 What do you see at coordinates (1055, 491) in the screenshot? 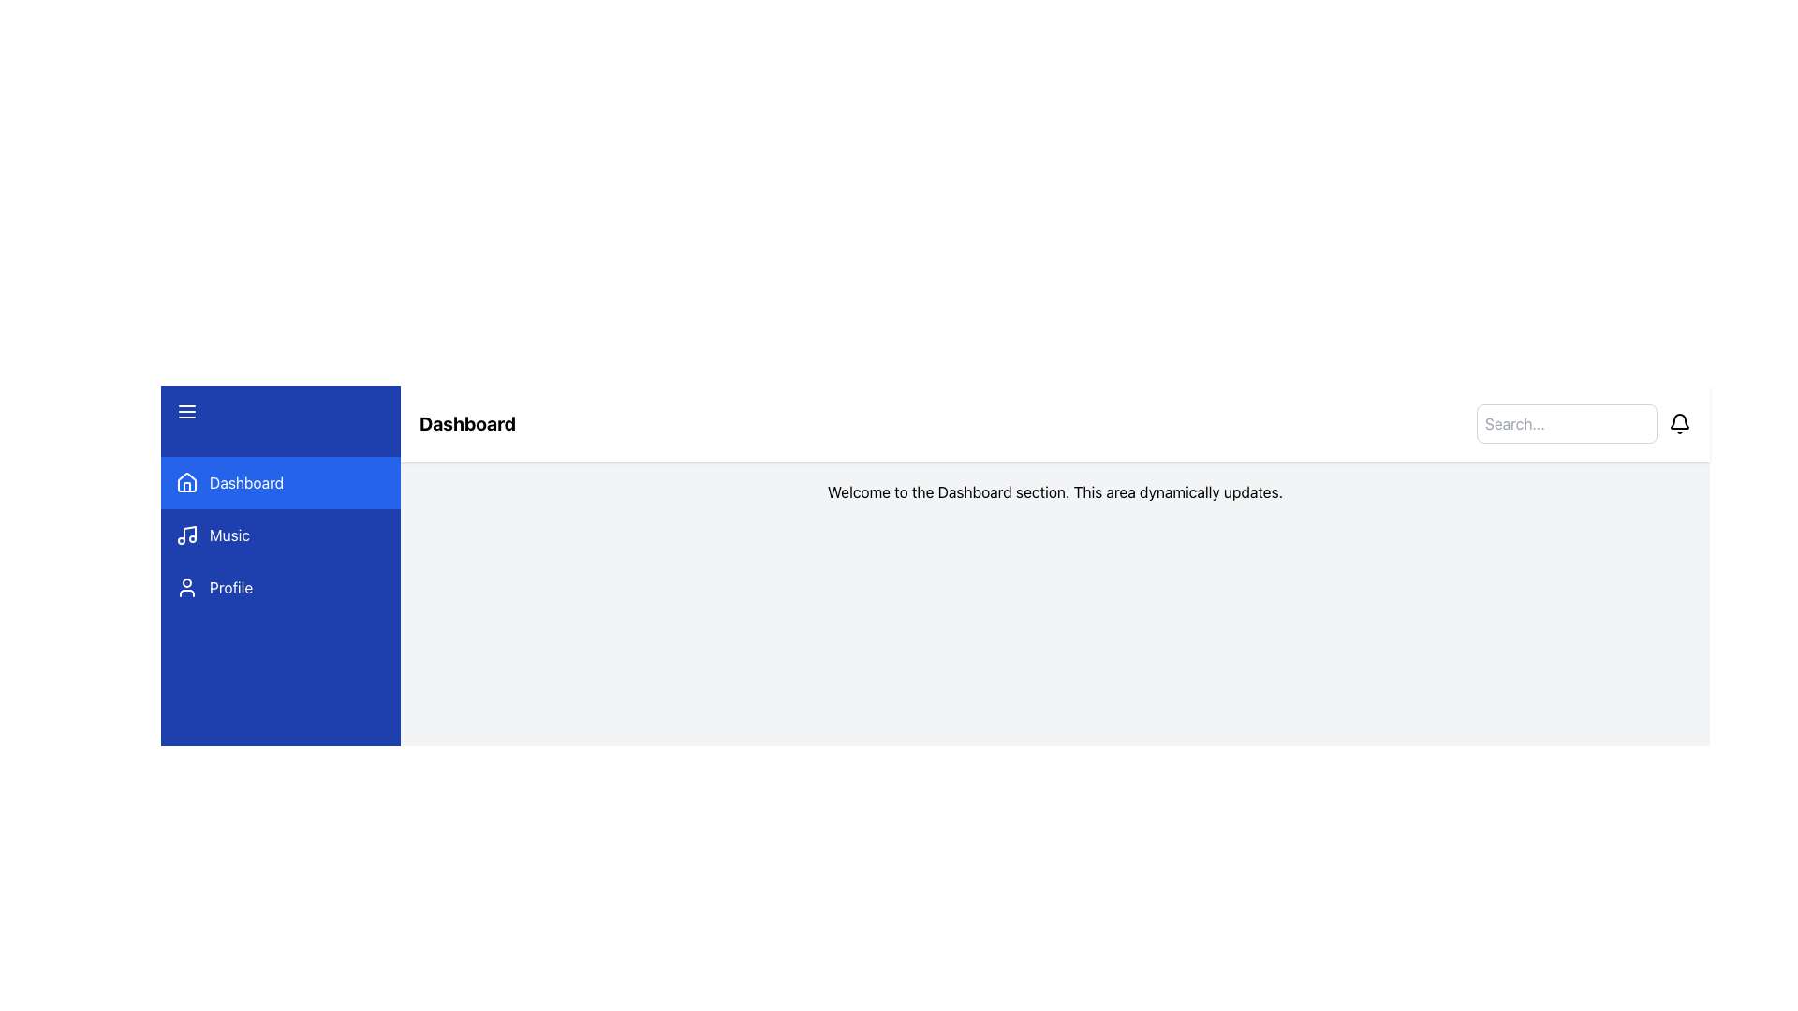
I see `the introductory Static Text element that provides context for the dashboard section of the application, located near the top of the main content area` at bounding box center [1055, 491].